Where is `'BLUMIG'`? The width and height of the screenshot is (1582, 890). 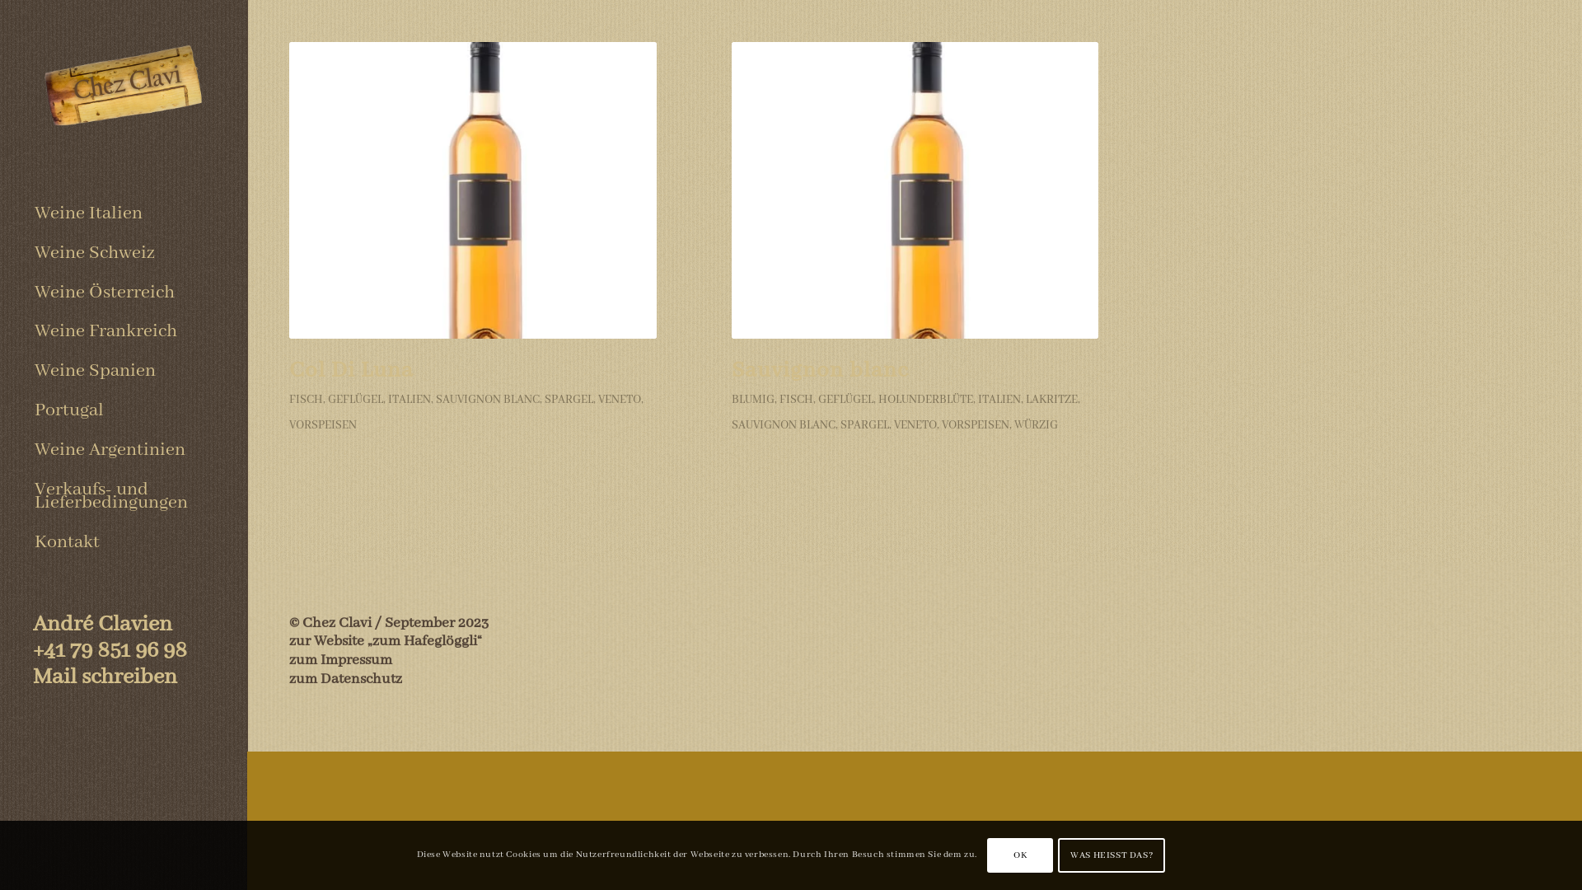
'BLUMIG' is located at coordinates (751, 400).